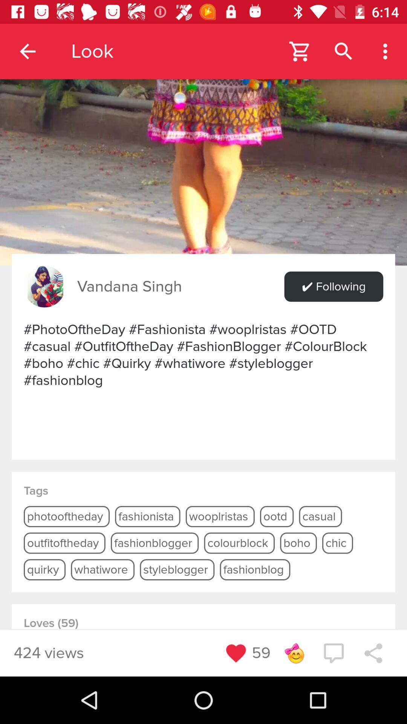 This screenshot has height=724, width=407. What do you see at coordinates (300, 51) in the screenshot?
I see `shopping basket` at bounding box center [300, 51].